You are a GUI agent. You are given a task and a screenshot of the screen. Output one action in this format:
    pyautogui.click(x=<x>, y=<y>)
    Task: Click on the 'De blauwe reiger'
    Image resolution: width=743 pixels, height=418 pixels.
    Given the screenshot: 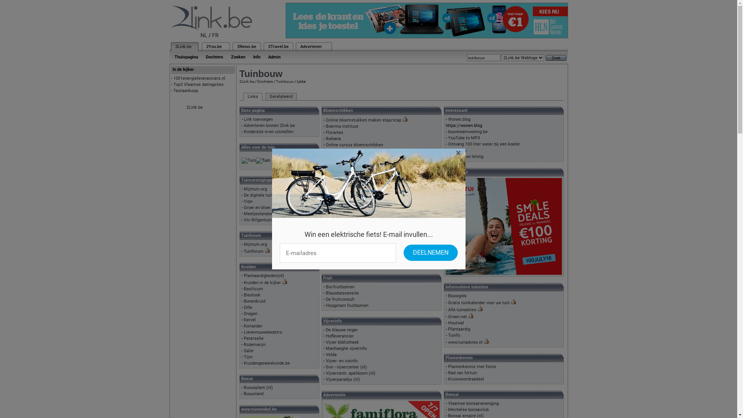 What is the action you would take?
    pyautogui.click(x=341, y=330)
    